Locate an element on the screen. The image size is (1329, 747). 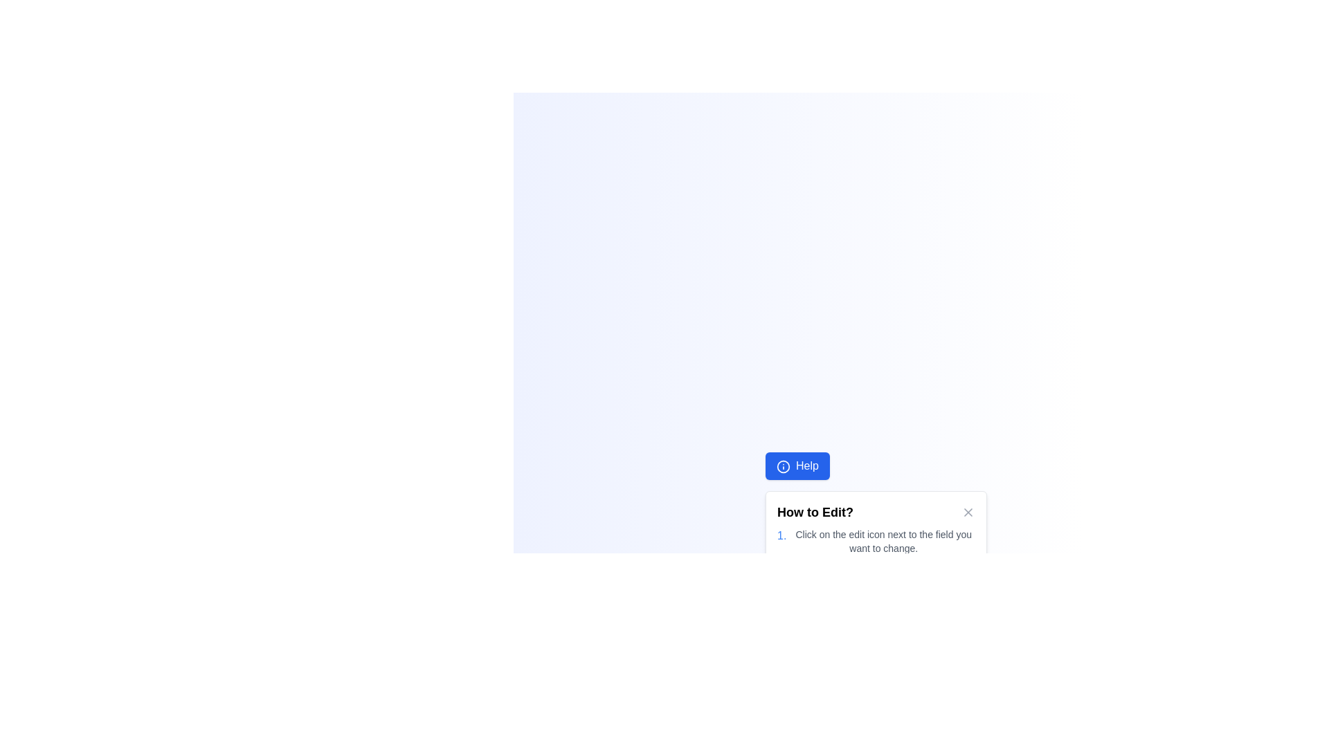
the 'info' icon located within the blue 'Help' button at the bottom-right corner of the interface is located at coordinates (784, 466).